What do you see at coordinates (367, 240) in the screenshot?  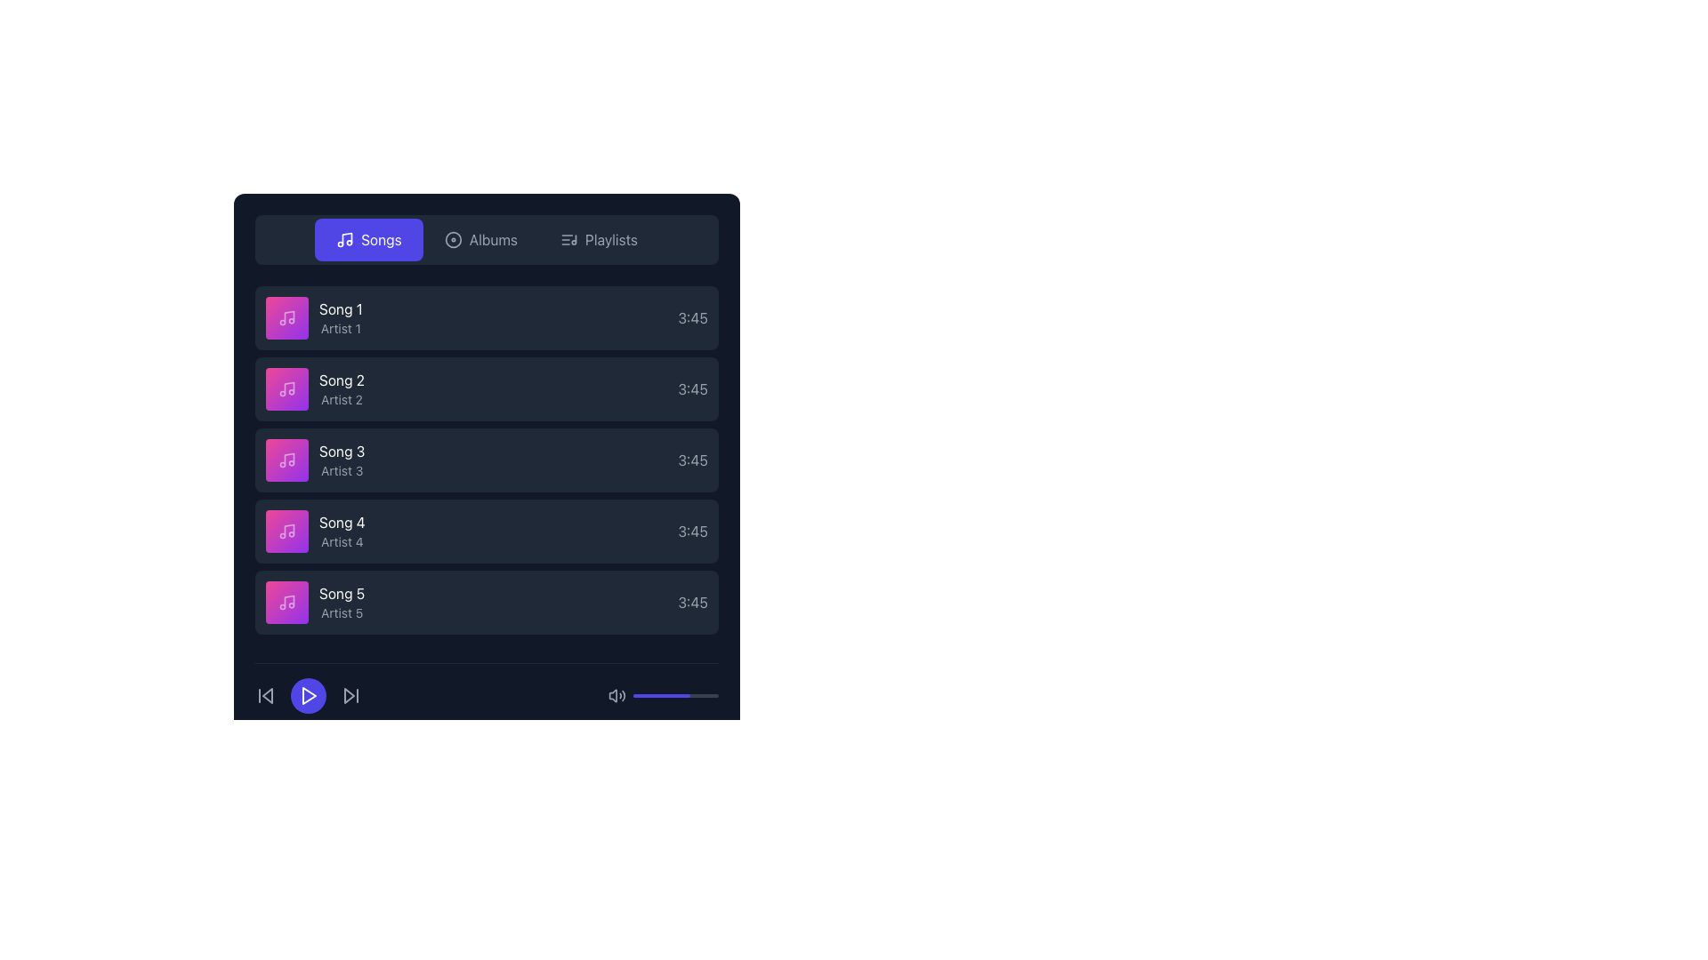 I see `the 'Songs' button in the top menu bar` at bounding box center [367, 240].